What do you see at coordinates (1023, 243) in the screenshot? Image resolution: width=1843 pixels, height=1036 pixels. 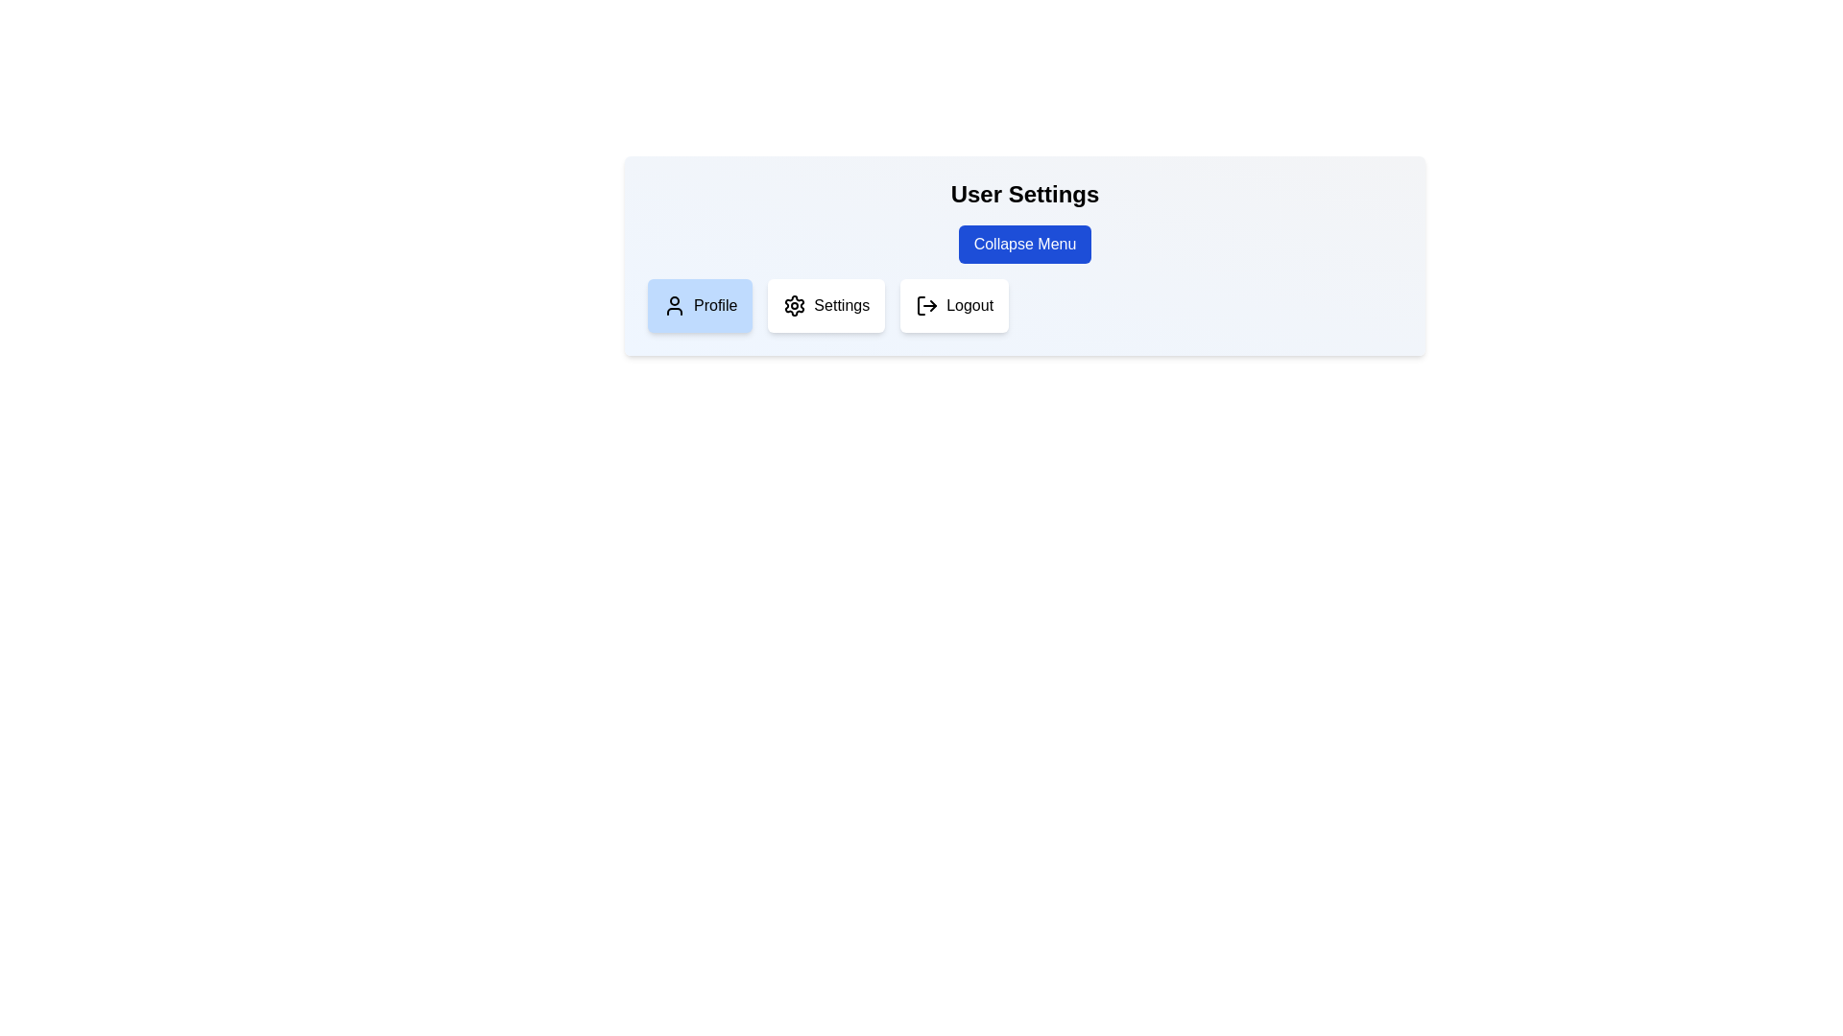 I see `the 'Collapse Menu' button to toggle the menu visibility` at bounding box center [1023, 243].